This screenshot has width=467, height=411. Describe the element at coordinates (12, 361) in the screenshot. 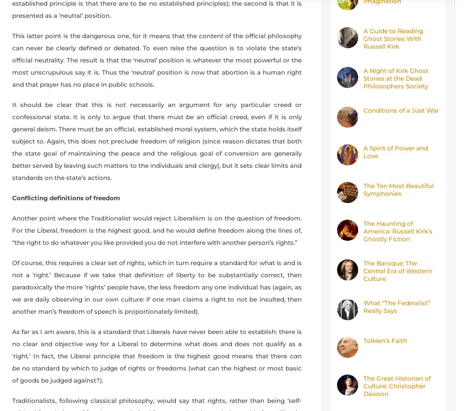

I see `'can be'` at that location.